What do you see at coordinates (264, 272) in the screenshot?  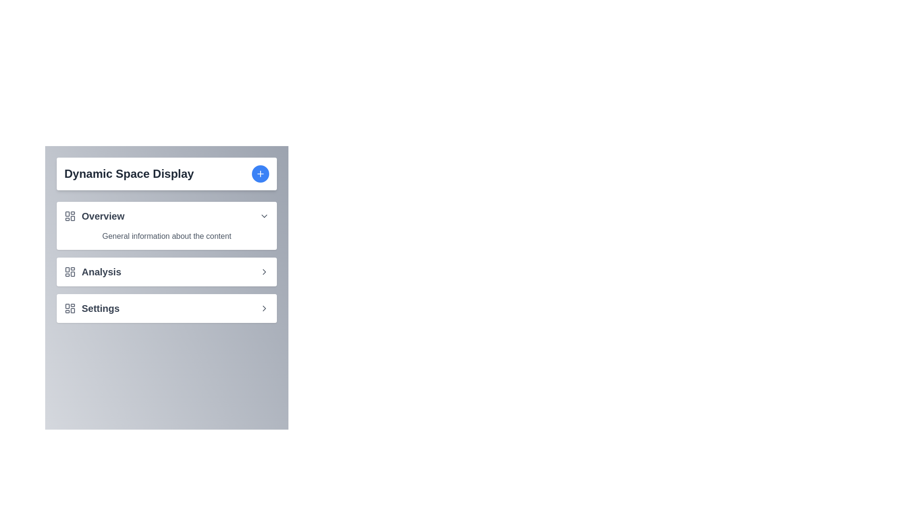 I see `the Chevron Right icon located at the far right of the 'Analysis' section` at bounding box center [264, 272].